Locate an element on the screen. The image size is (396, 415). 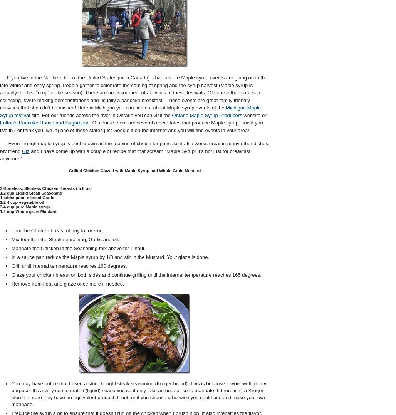
'. Of course there are several other states that produce Maple syrup  and if you live in ( or think you live in) one of those states just Google it on the internet and you will find events in your area!' is located at coordinates (131, 126).